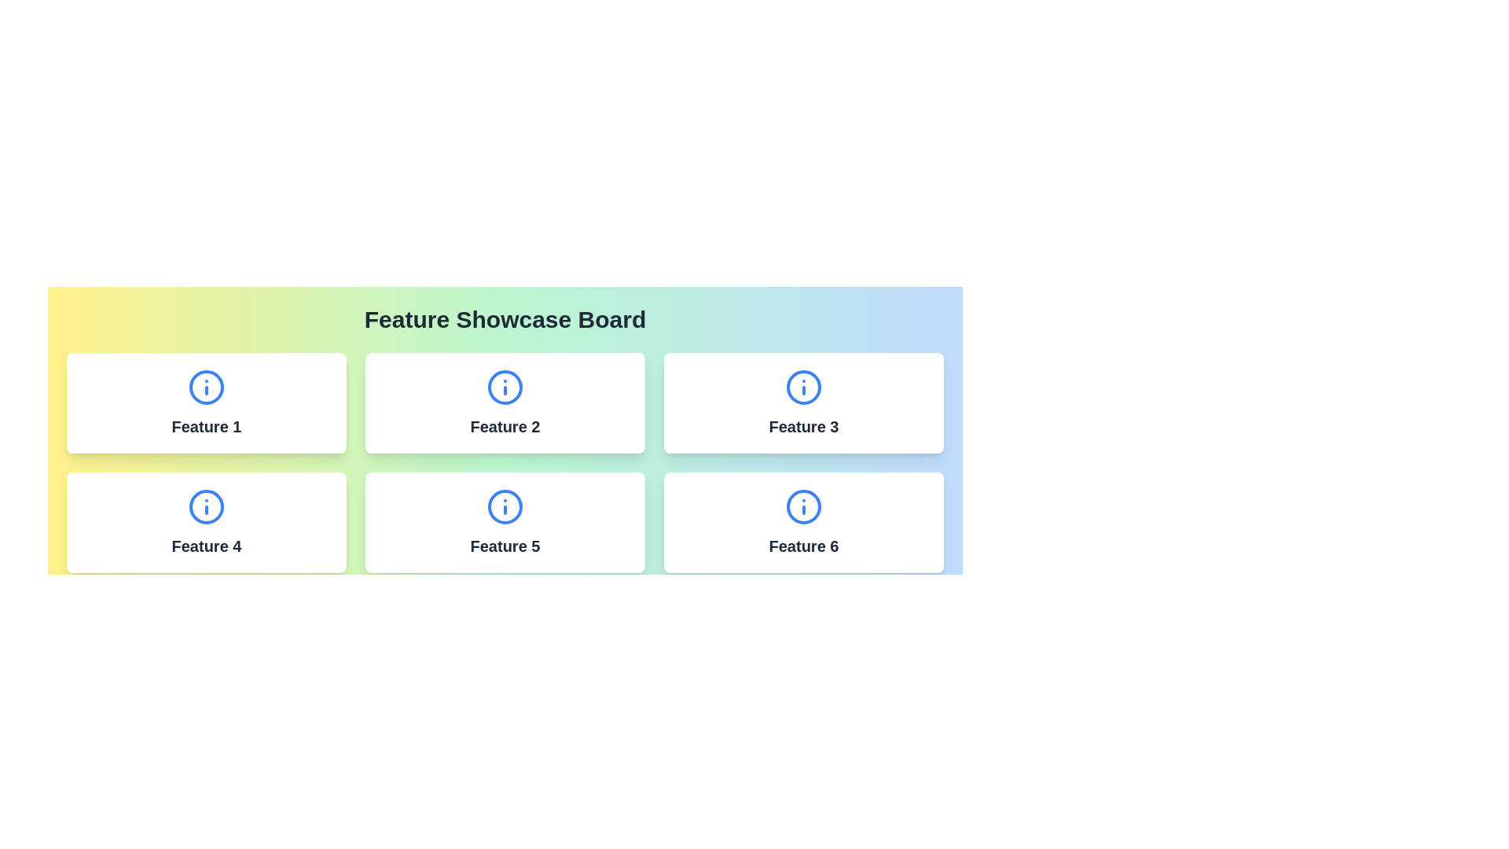 This screenshot has width=1509, height=849. I want to click on the decorative circle shape in the 'Feature 3' icon located in the third column of icons, so click(803, 388).